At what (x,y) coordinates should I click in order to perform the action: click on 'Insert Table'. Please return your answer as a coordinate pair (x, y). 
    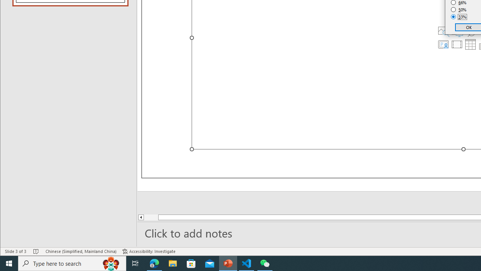
    Looking at the image, I should click on (470, 44).